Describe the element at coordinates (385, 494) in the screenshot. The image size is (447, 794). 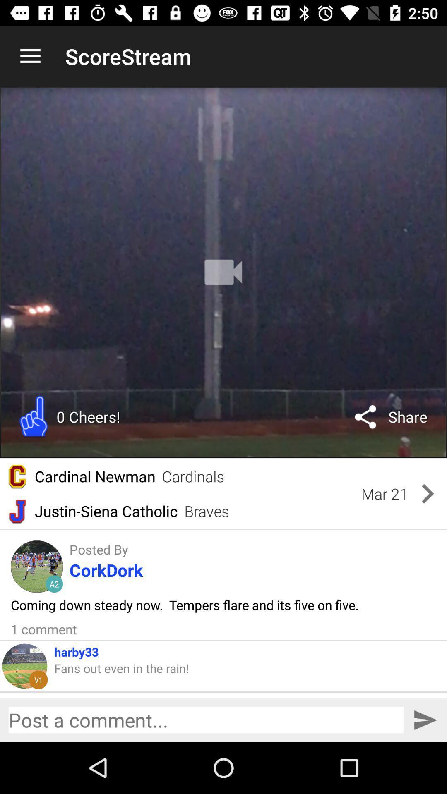
I see `mar 21 item` at that location.